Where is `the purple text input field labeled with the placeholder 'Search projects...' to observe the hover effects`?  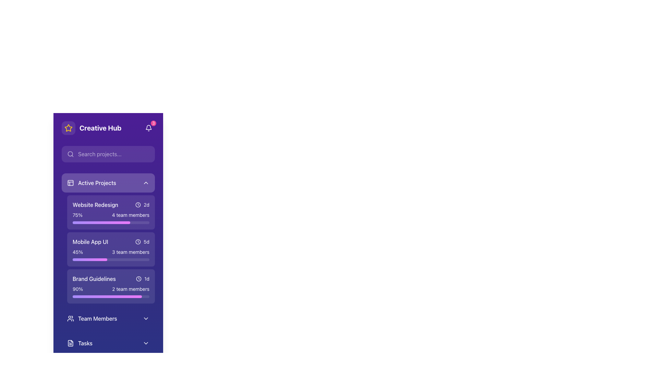
the purple text input field labeled with the placeholder 'Search projects...' to observe the hover effects is located at coordinates (108, 154).